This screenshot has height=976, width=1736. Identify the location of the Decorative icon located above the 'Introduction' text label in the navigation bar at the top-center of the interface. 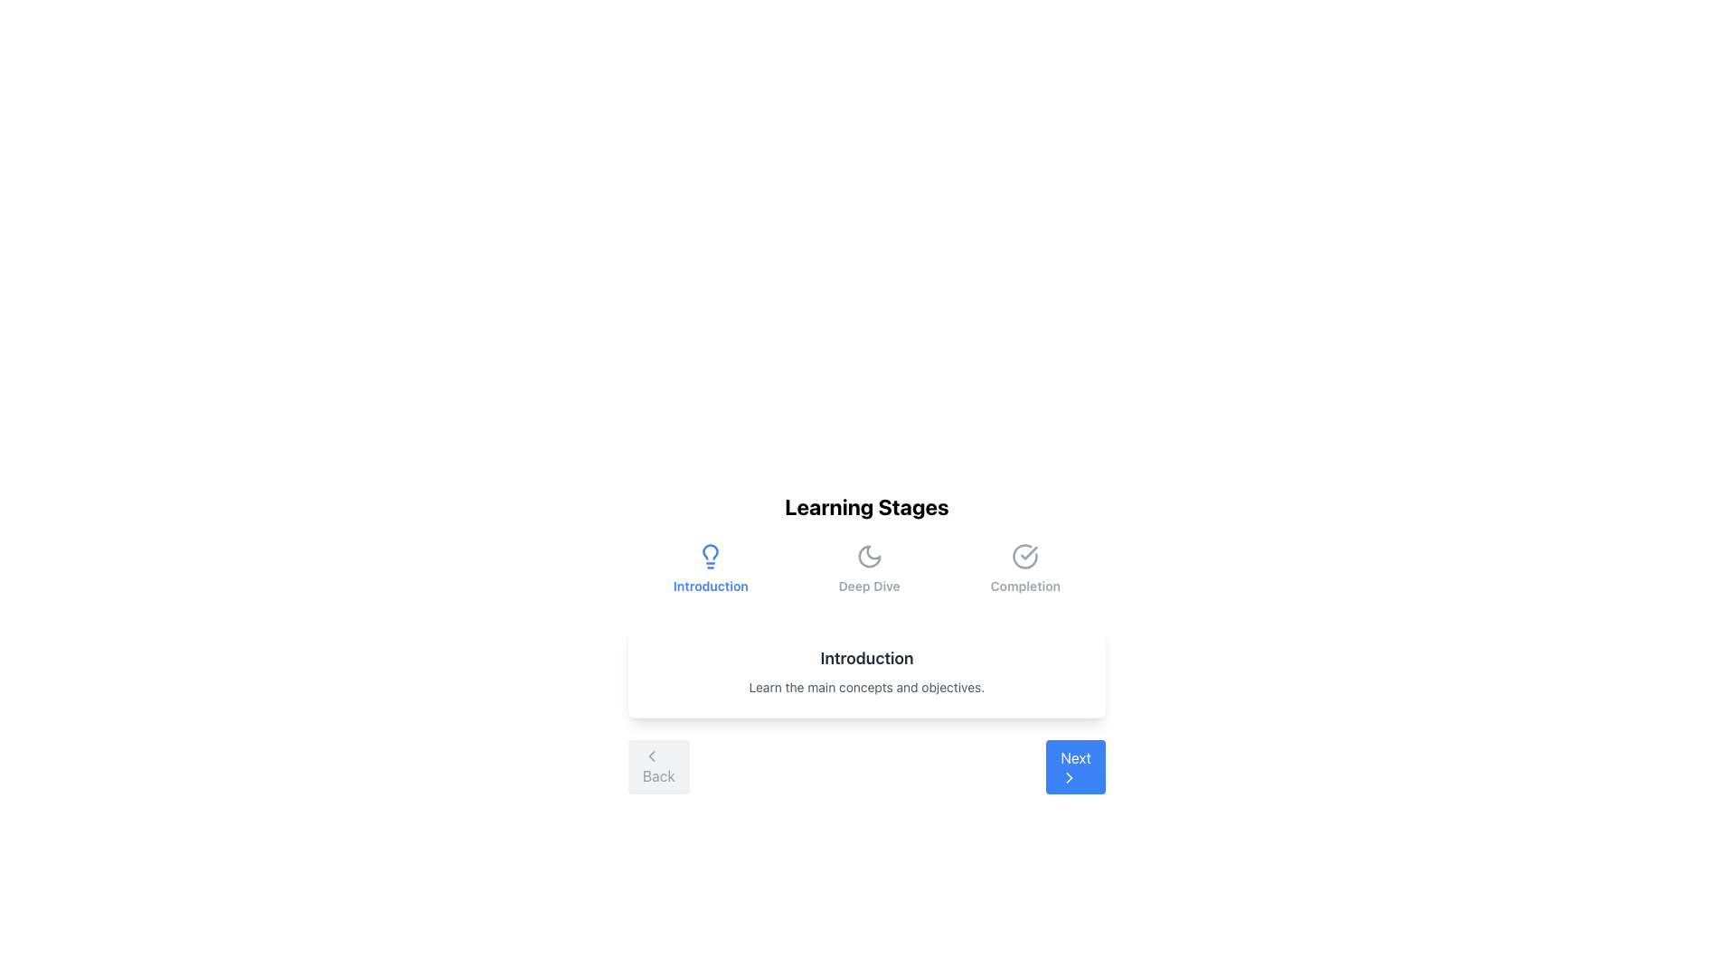
(710, 550).